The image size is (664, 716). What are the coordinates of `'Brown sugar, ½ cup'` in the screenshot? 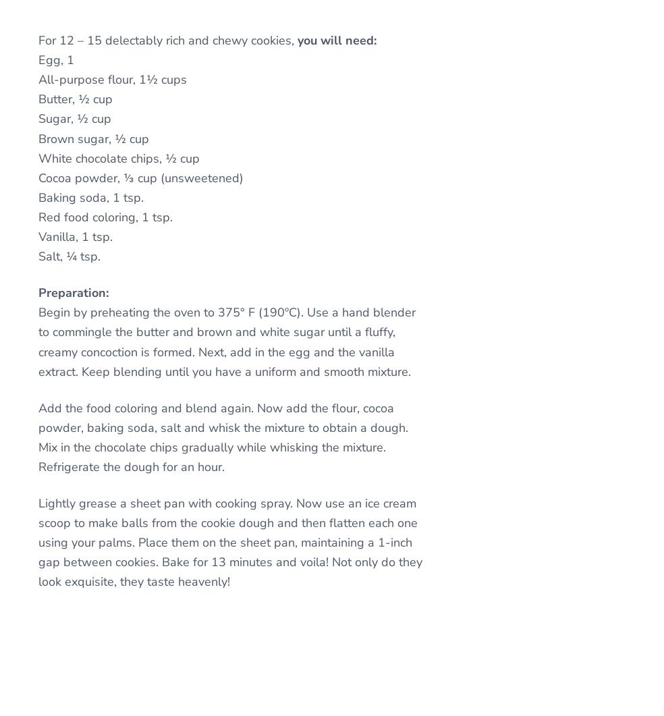 It's located at (94, 137).